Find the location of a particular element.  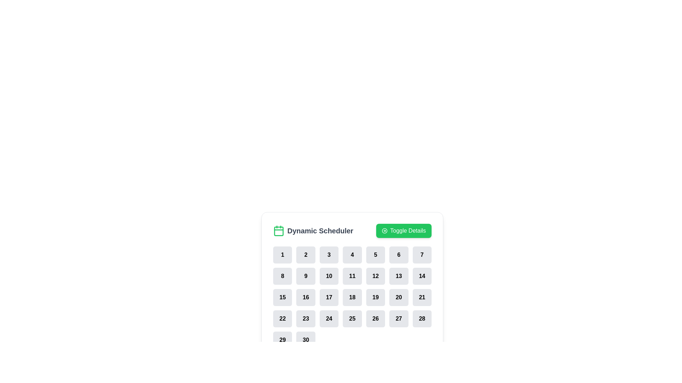

the 'Toggle Details' text label which has a green background and white text, located in the header area of the 'Dynamic Scheduler' interface is located at coordinates (408, 231).